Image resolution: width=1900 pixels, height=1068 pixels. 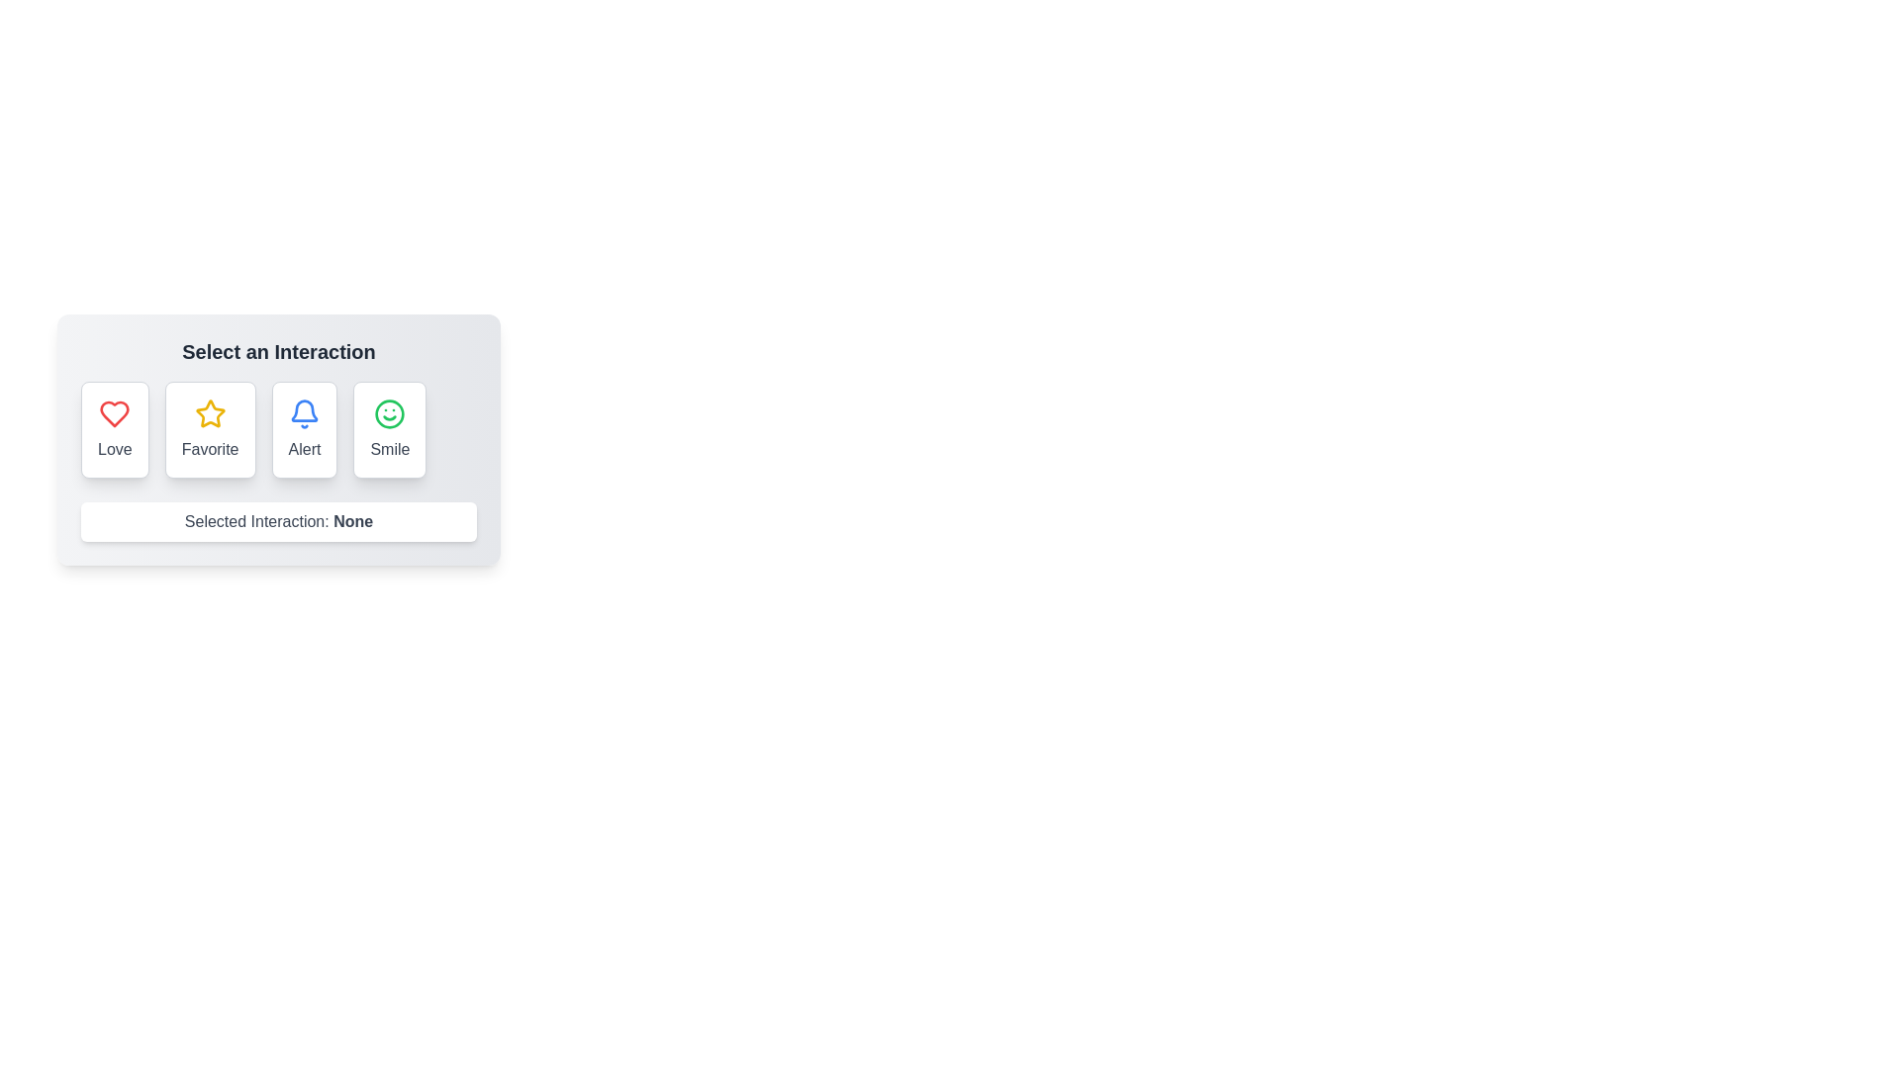 I want to click on the button labeled Love to observe the hover effect, so click(x=113, y=429).